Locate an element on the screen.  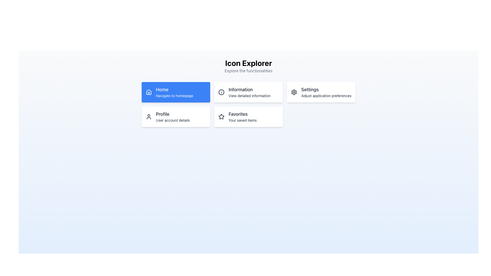
the star icon with a hollow outline, which is positioned to the left of the 'Favorites' text in the card layout located in the bottom-right area of the interface is located at coordinates (221, 117).